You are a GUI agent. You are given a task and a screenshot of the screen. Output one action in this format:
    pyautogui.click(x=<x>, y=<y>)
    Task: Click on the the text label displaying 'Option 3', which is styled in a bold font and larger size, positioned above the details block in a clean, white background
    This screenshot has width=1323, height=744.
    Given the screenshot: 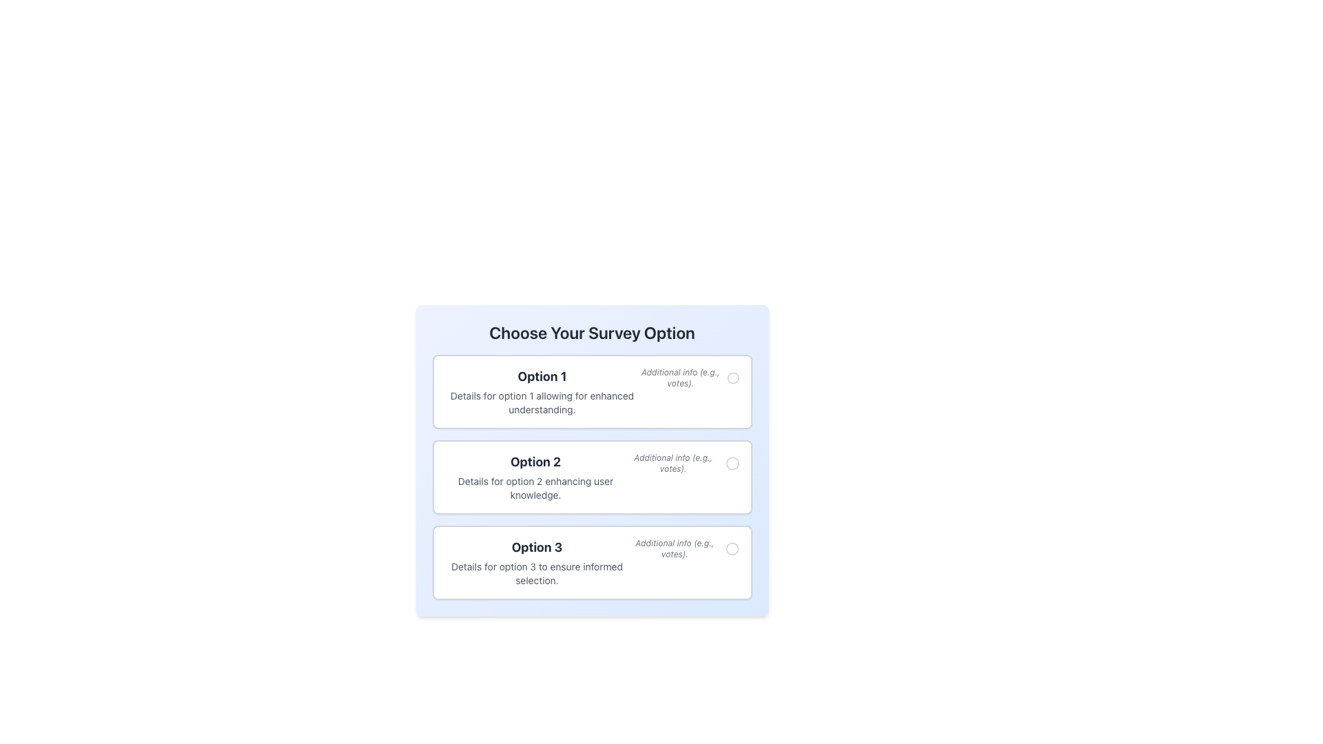 What is the action you would take?
    pyautogui.click(x=536, y=546)
    